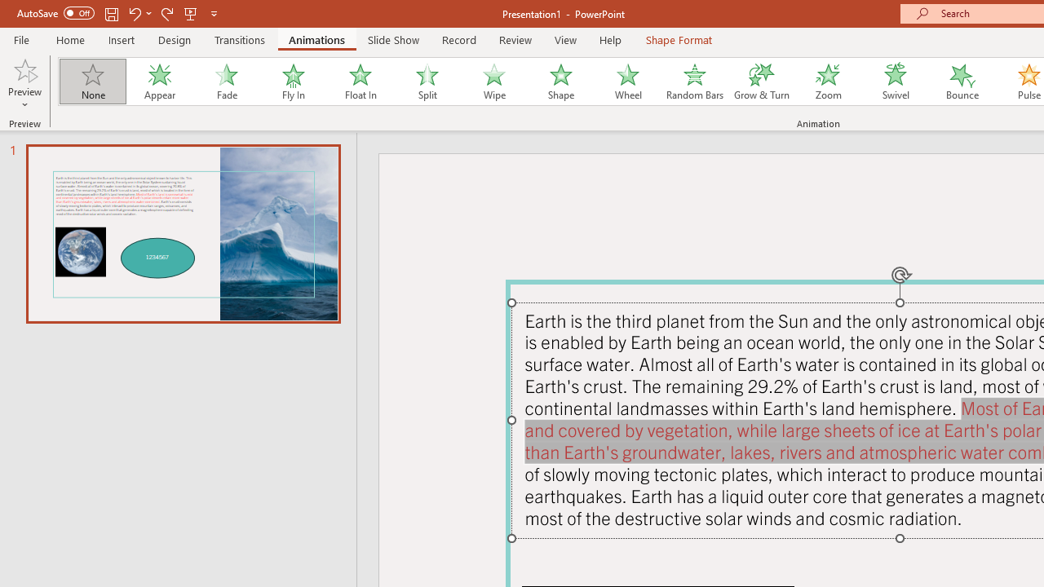  Describe the element at coordinates (214, 13) in the screenshot. I see `'Customize Quick Access Toolbar'` at that location.